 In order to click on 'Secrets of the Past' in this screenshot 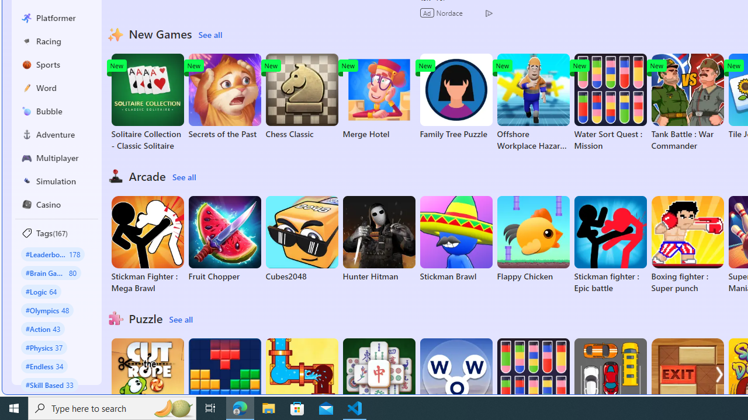, I will do `click(224, 96)`.